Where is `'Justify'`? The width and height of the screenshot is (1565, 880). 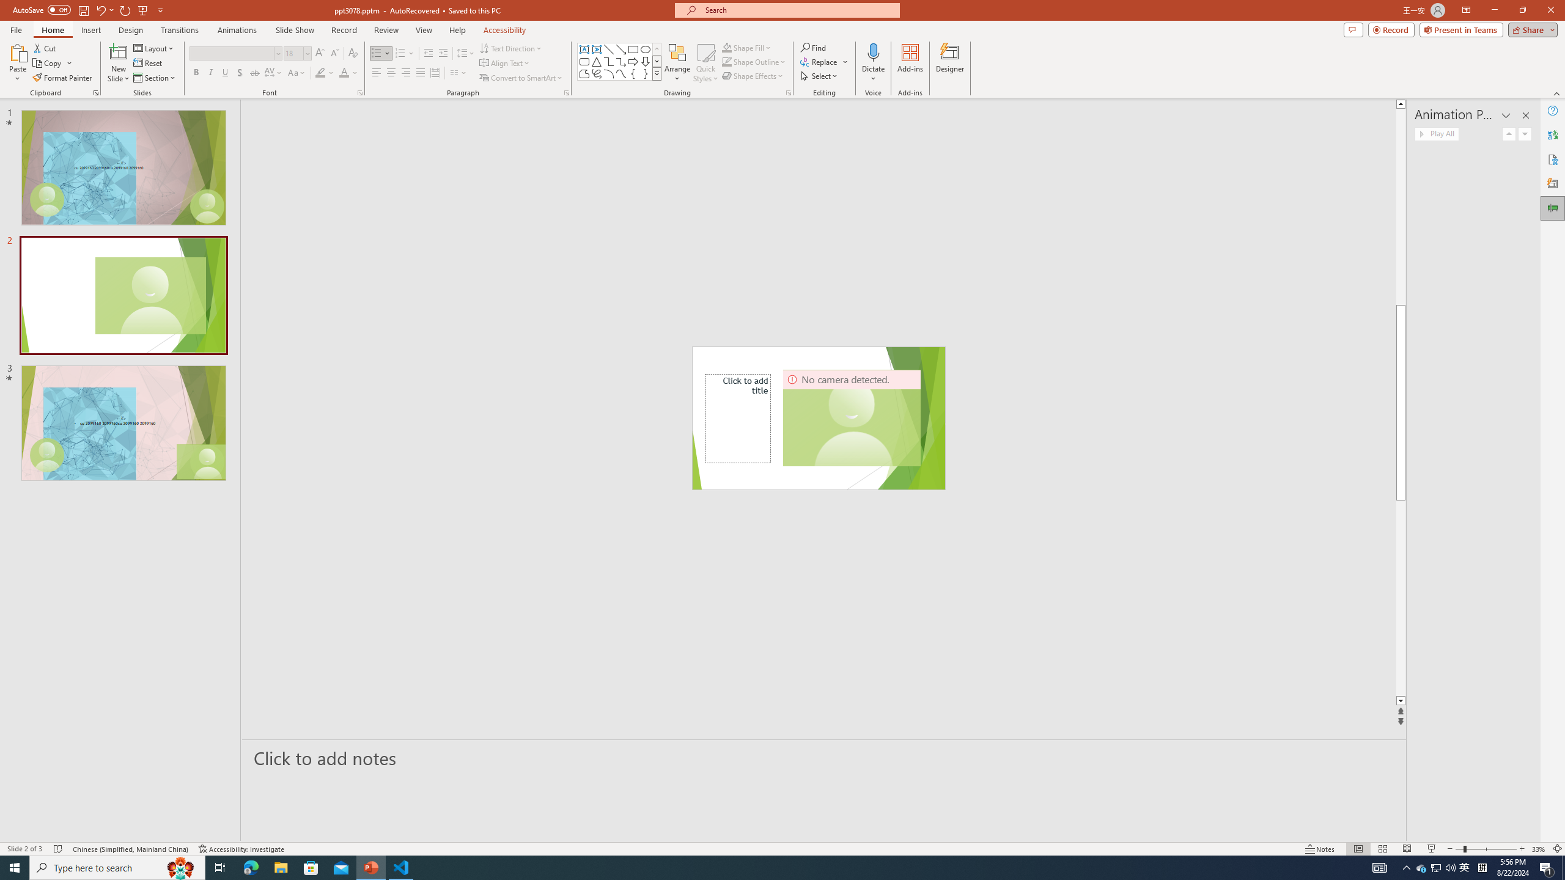
'Justify' is located at coordinates (419, 72).